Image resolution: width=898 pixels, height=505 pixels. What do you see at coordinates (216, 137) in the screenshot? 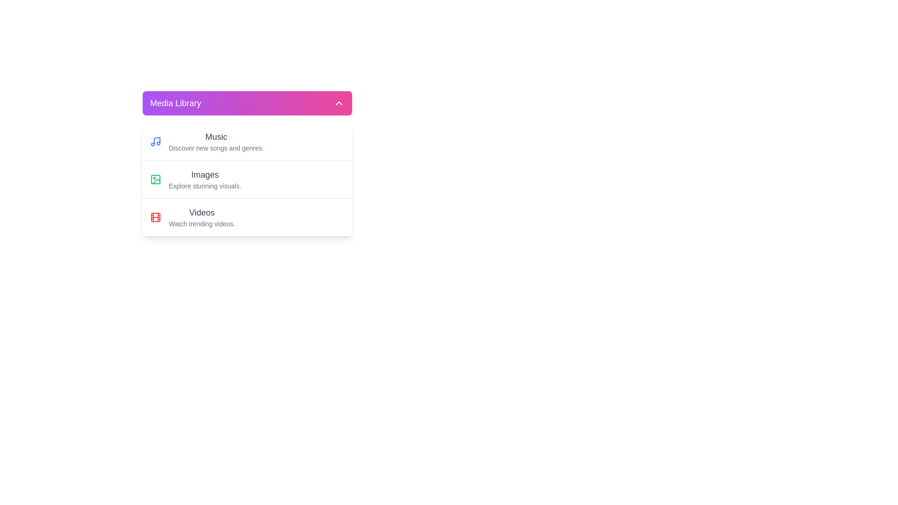
I see `the 'Music' category title text label in the Media Library interface, which is positioned directly below a blue music note icon` at bounding box center [216, 137].